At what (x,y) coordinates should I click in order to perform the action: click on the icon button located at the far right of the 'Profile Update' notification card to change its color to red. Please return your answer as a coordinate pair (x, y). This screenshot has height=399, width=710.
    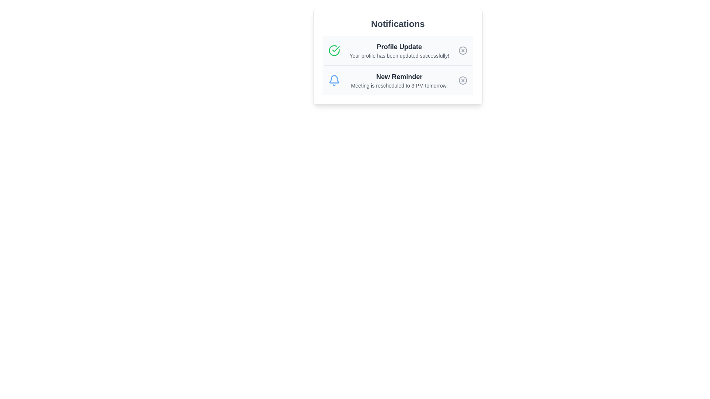
    Looking at the image, I should click on (463, 50).